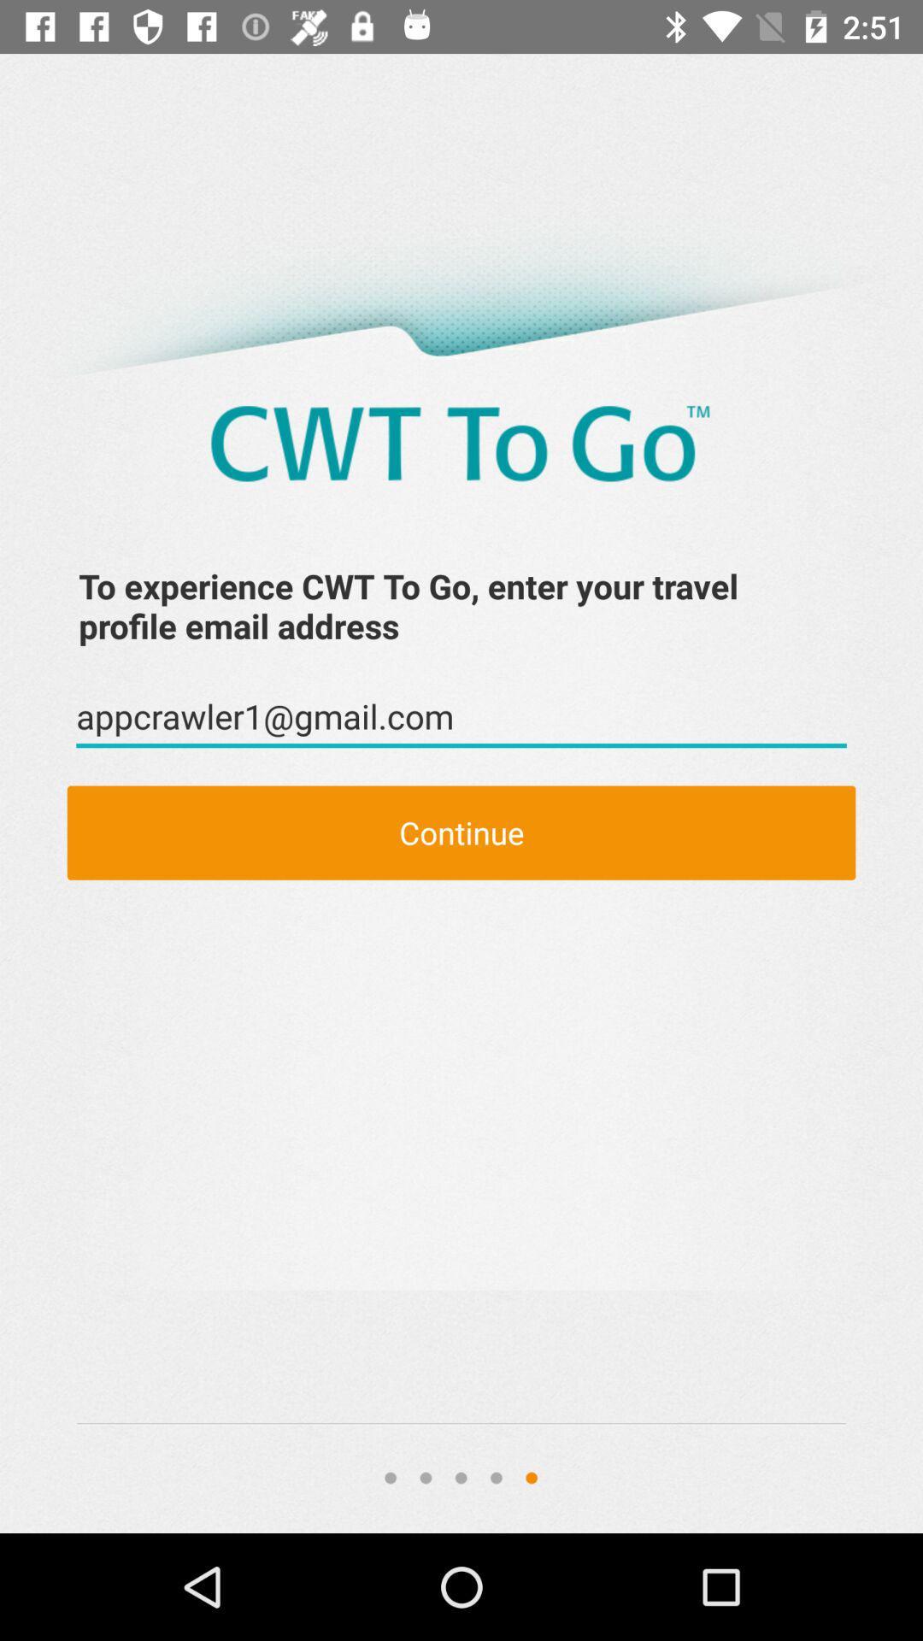 The width and height of the screenshot is (923, 1641). I want to click on continue item, so click(461, 832).